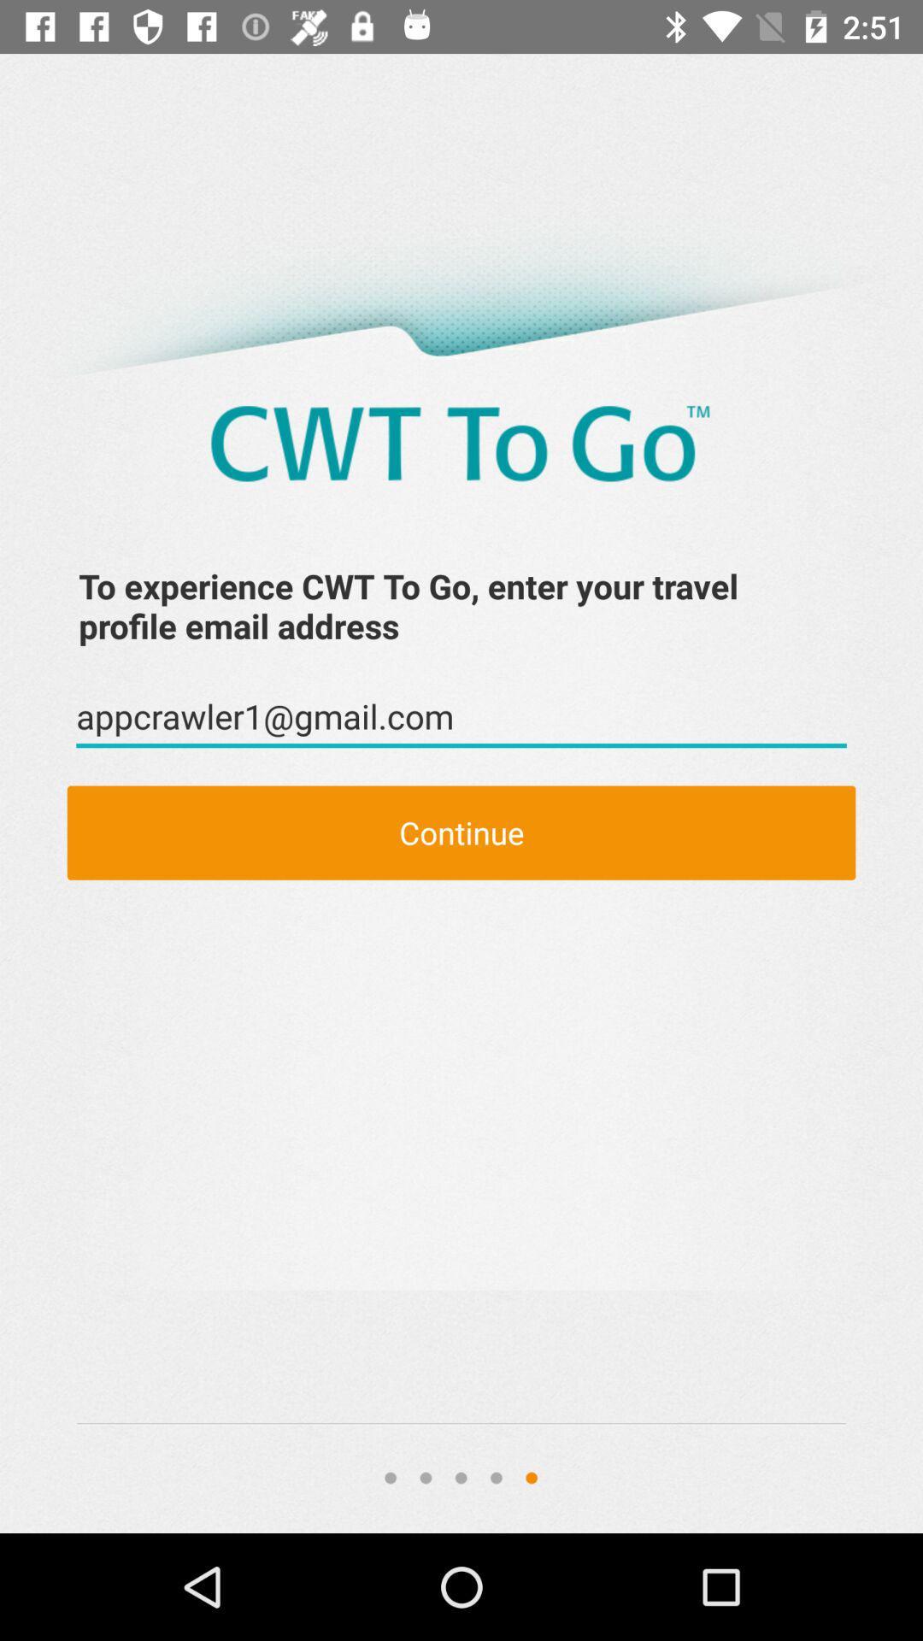 The width and height of the screenshot is (923, 1641). I want to click on continue item, so click(461, 832).